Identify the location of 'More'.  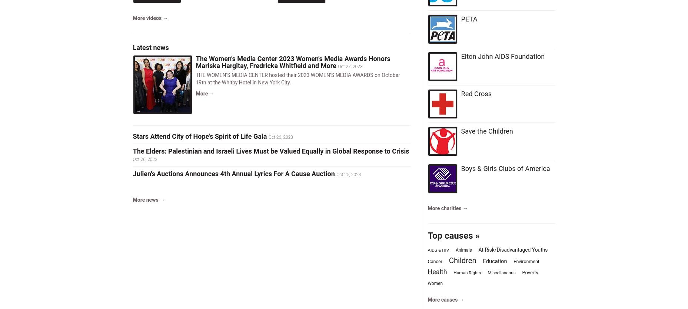
(195, 93).